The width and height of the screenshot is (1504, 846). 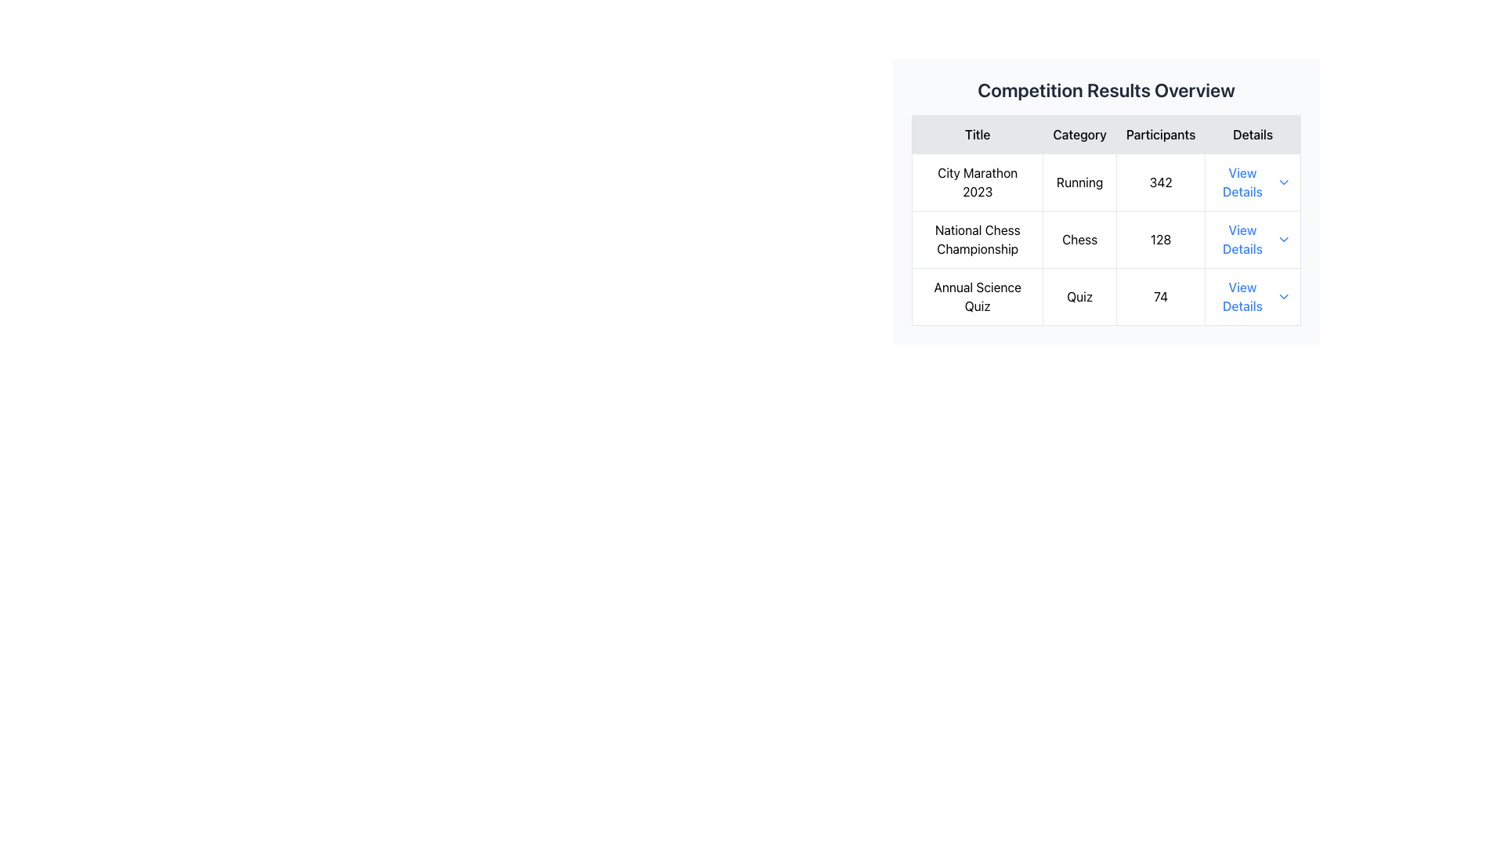 I want to click on the table header cell labeled 'Category', which is the second column header in the table, located between 'Title' and 'Participants', so click(x=1079, y=134).